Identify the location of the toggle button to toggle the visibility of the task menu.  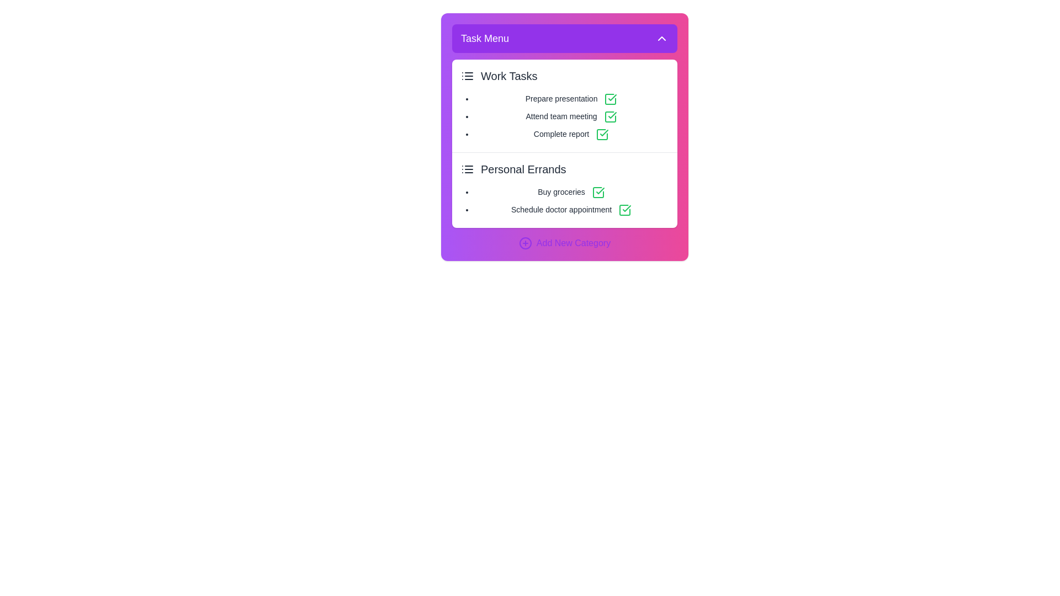
(564, 38).